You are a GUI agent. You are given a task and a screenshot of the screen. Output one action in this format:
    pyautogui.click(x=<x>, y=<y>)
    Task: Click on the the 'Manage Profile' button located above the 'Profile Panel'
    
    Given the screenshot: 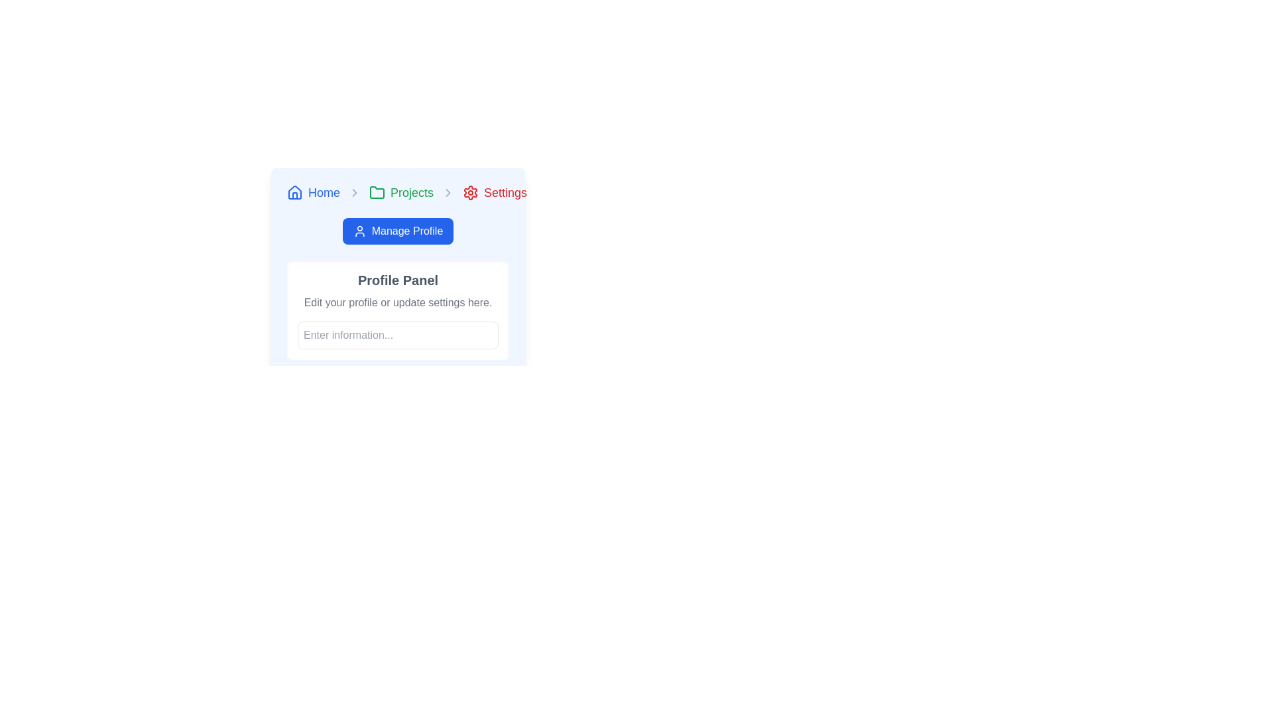 What is the action you would take?
    pyautogui.click(x=397, y=270)
    